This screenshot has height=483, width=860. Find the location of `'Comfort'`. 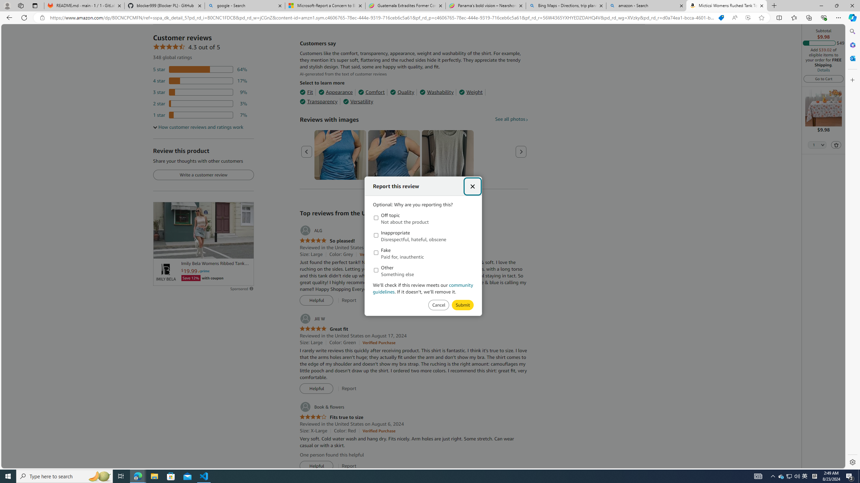

'Comfort' is located at coordinates (371, 92).